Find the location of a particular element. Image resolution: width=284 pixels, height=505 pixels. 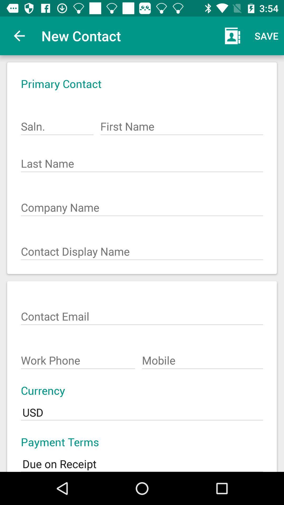

item below the primary contact icon is located at coordinates (181, 123).